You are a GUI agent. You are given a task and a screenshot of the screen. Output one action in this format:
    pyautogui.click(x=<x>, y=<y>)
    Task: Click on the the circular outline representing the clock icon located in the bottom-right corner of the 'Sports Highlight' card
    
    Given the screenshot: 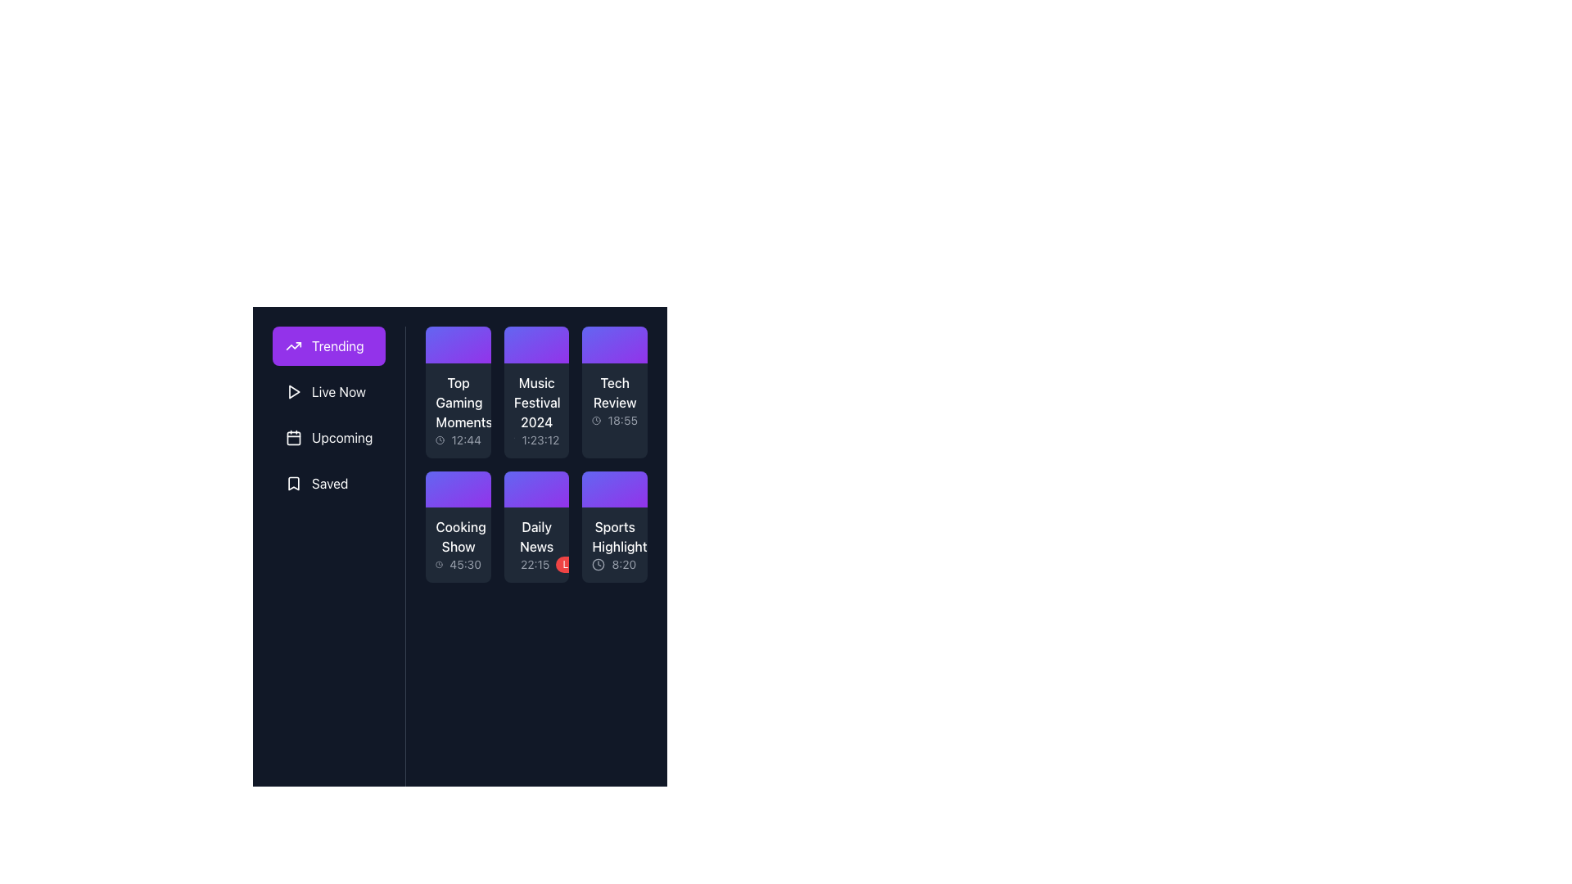 What is the action you would take?
    pyautogui.click(x=598, y=564)
    